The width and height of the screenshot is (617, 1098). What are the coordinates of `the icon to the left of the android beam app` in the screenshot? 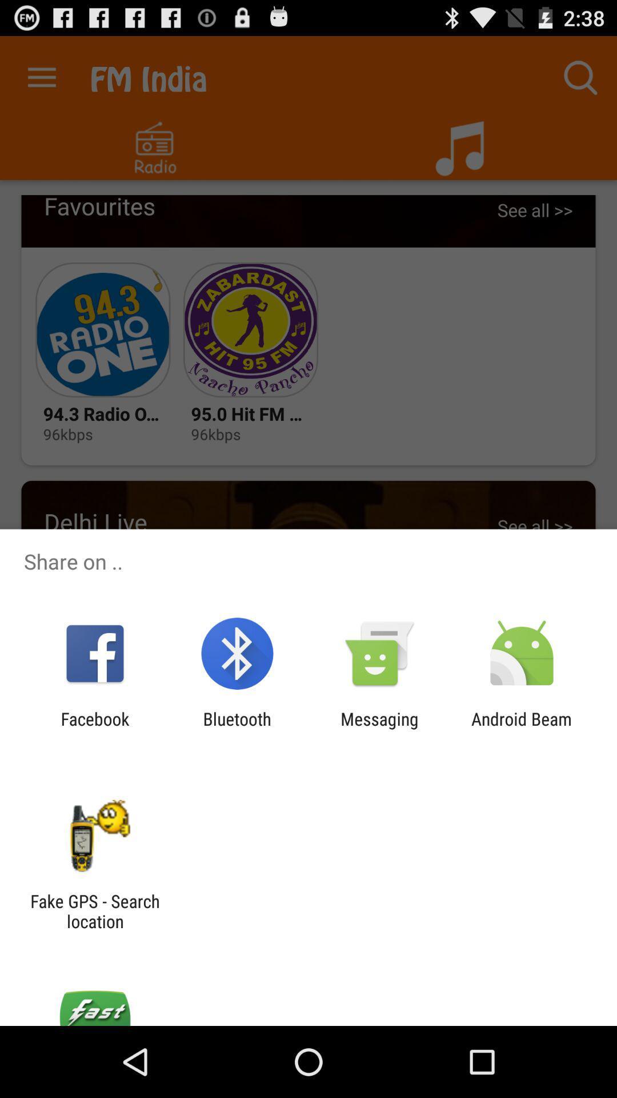 It's located at (379, 729).